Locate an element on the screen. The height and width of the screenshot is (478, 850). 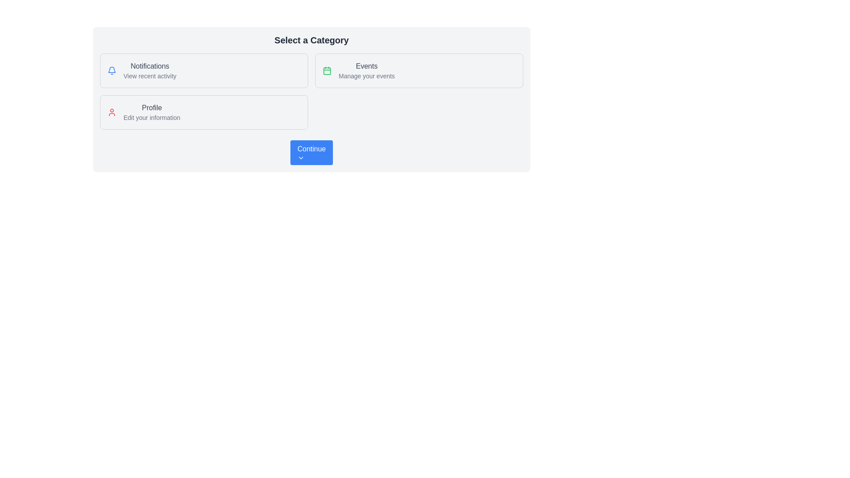
information presented on the clickable card located in the first row of the grid layout, positioned as the third card from the left, below the 'Notifications' card and to the left of the 'Events' card is located at coordinates (203, 112).